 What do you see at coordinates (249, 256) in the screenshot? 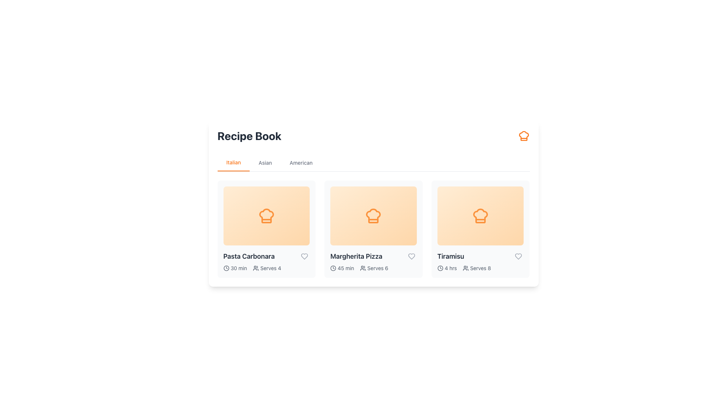
I see `text label displaying 'Pasta Carbonara' which is styled with a large, bold font in dark gray color, located under the orange dish icon within the first card on the left in the 'Italian' section` at bounding box center [249, 256].